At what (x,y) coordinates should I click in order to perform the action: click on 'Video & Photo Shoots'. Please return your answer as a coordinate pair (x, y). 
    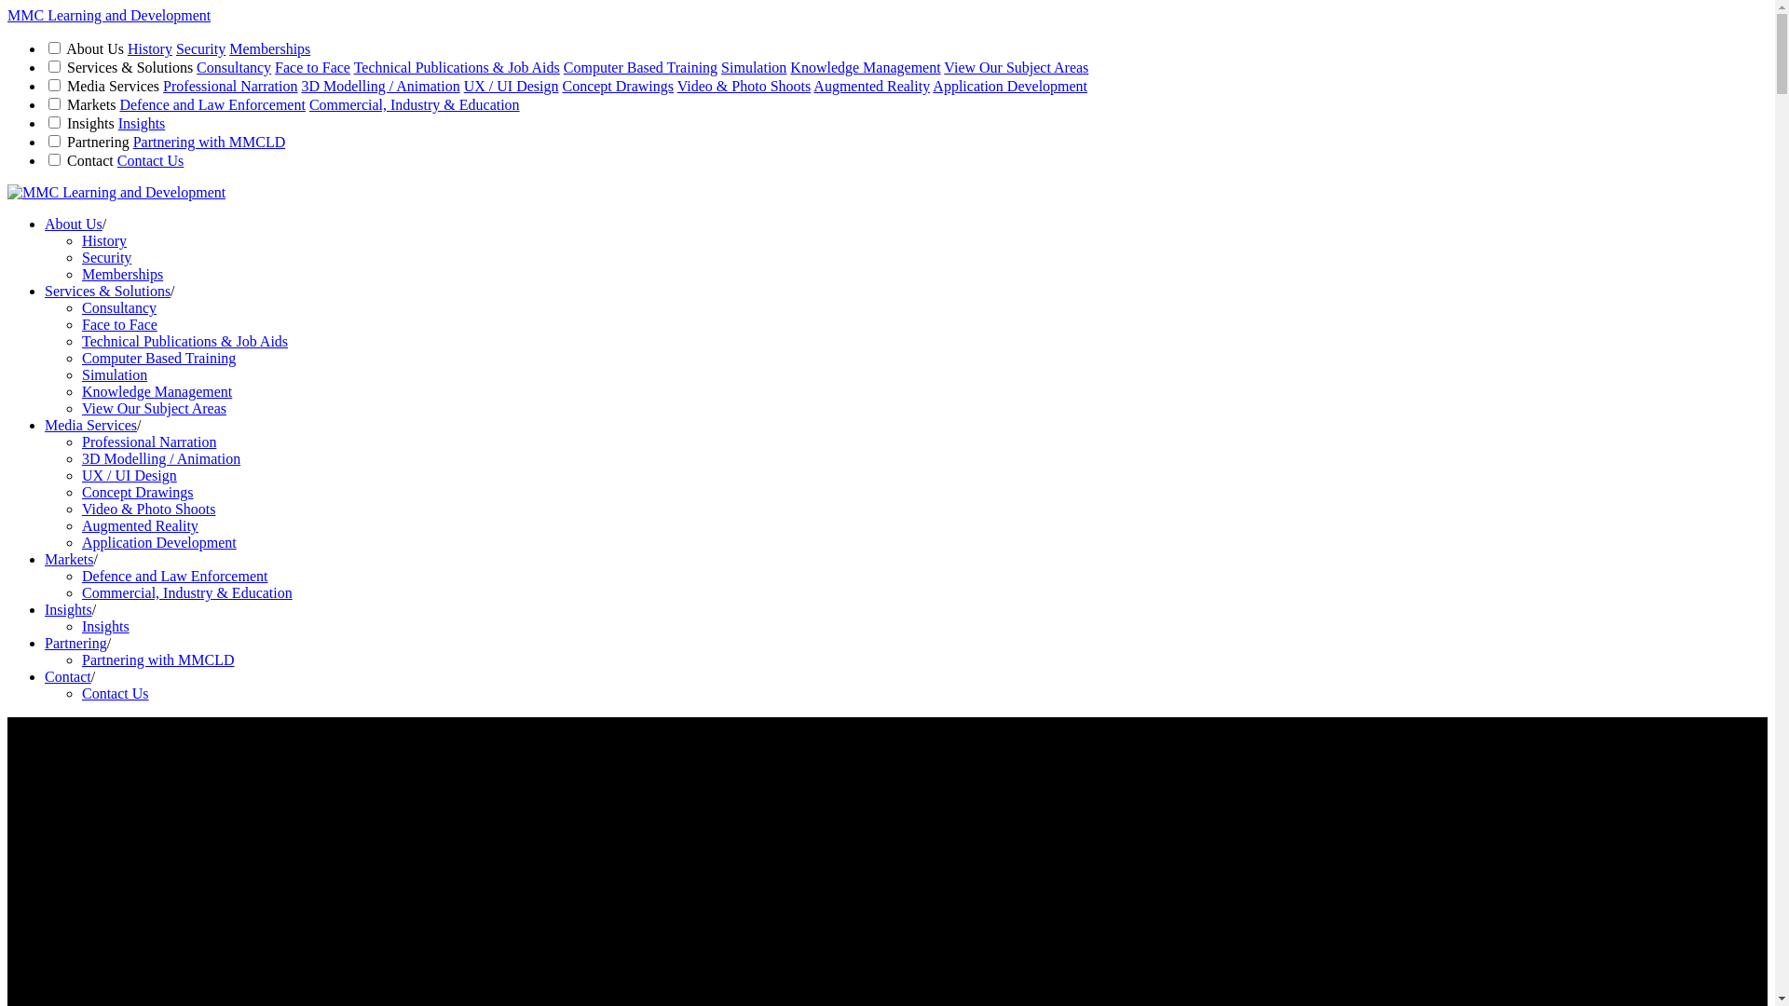
    Looking at the image, I should click on (743, 86).